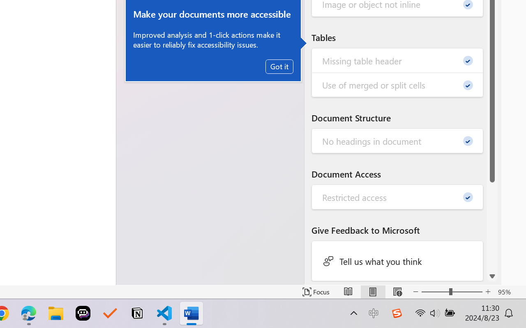 Image resolution: width=526 pixels, height=328 pixels. What do you see at coordinates (492, 276) in the screenshot?
I see `'Line down'` at bounding box center [492, 276].